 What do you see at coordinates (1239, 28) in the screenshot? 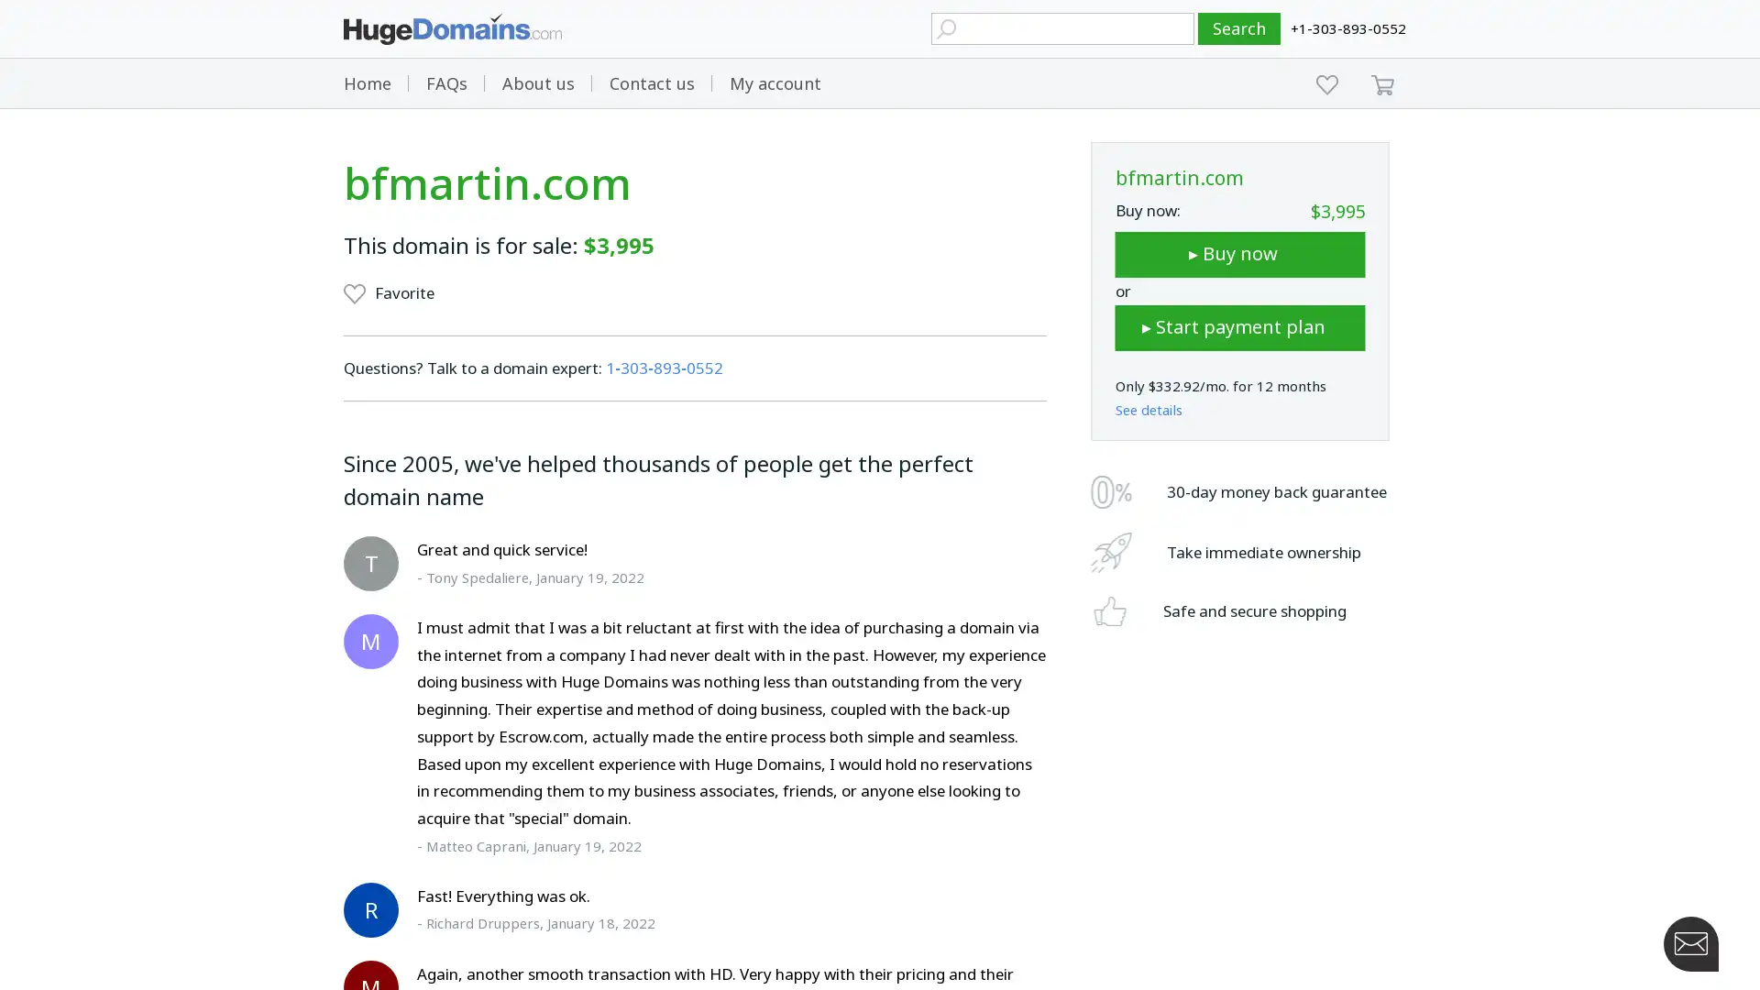
I see `Search` at bounding box center [1239, 28].